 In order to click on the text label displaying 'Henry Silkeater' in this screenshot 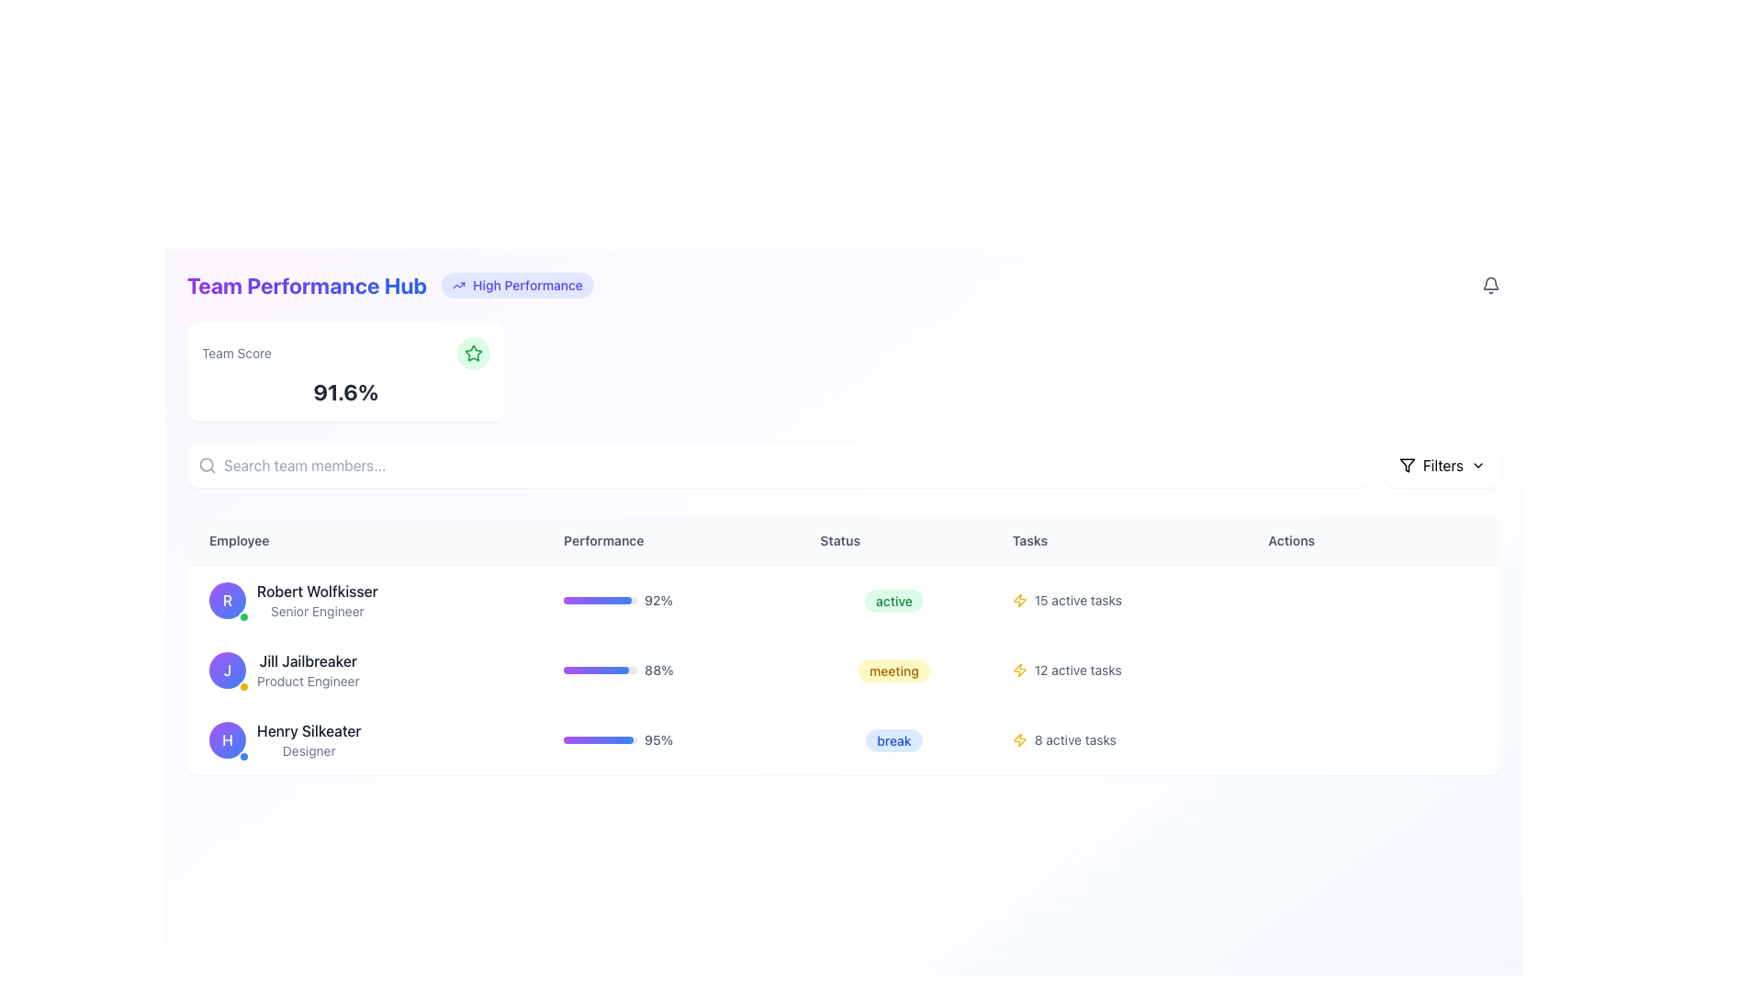, I will do `click(309, 729)`.